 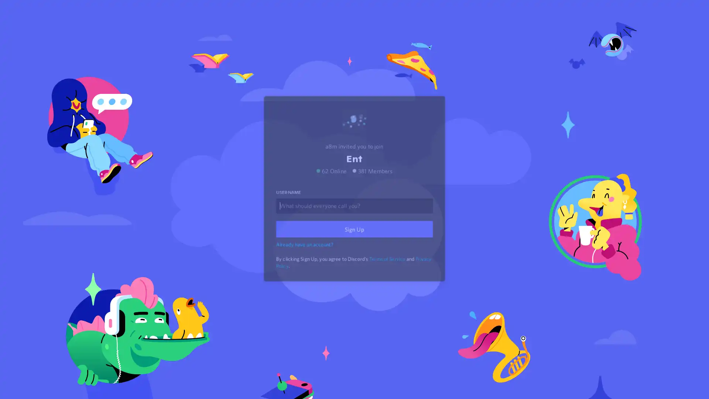 What do you see at coordinates (306, 253) in the screenshot?
I see `Already have an account?` at bounding box center [306, 253].